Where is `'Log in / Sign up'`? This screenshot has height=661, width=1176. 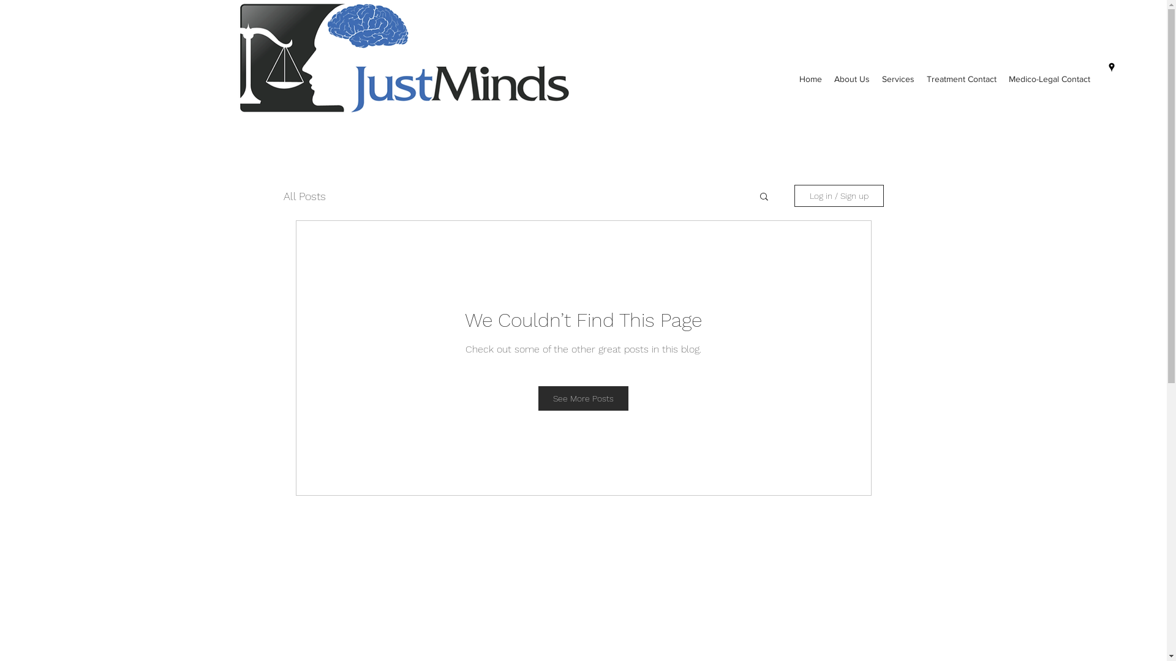
'Log in / Sign up' is located at coordinates (794, 195).